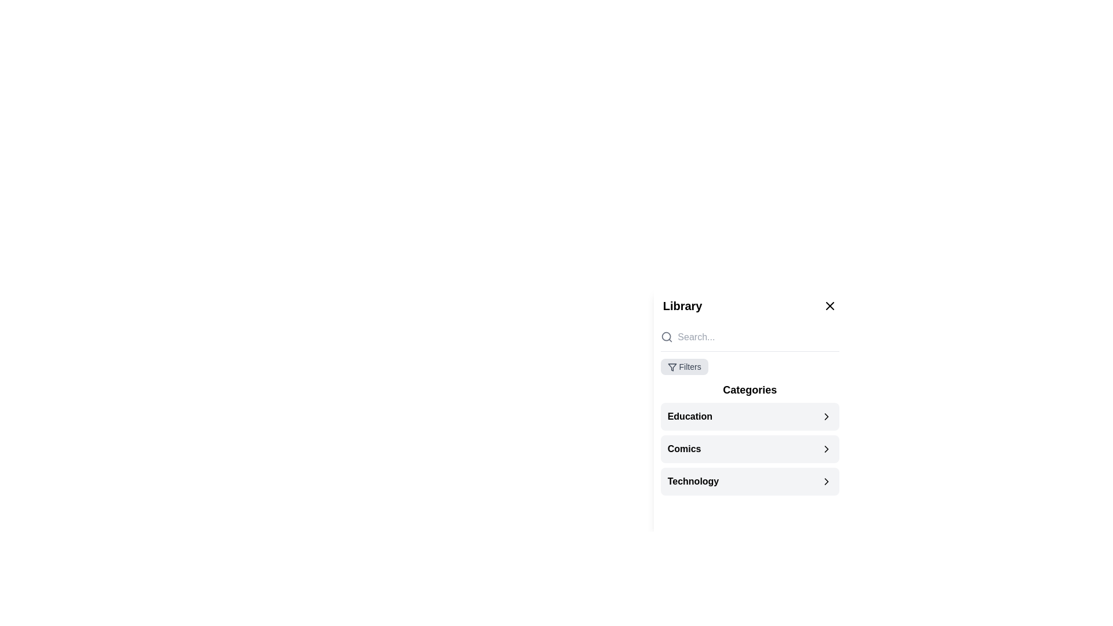 This screenshot has height=626, width=1113. What do you see at coordinates (750, 416) in the screenshot?
I see `the 'Education' button-like list item in the Categories section` at bounding box center [750, 416].